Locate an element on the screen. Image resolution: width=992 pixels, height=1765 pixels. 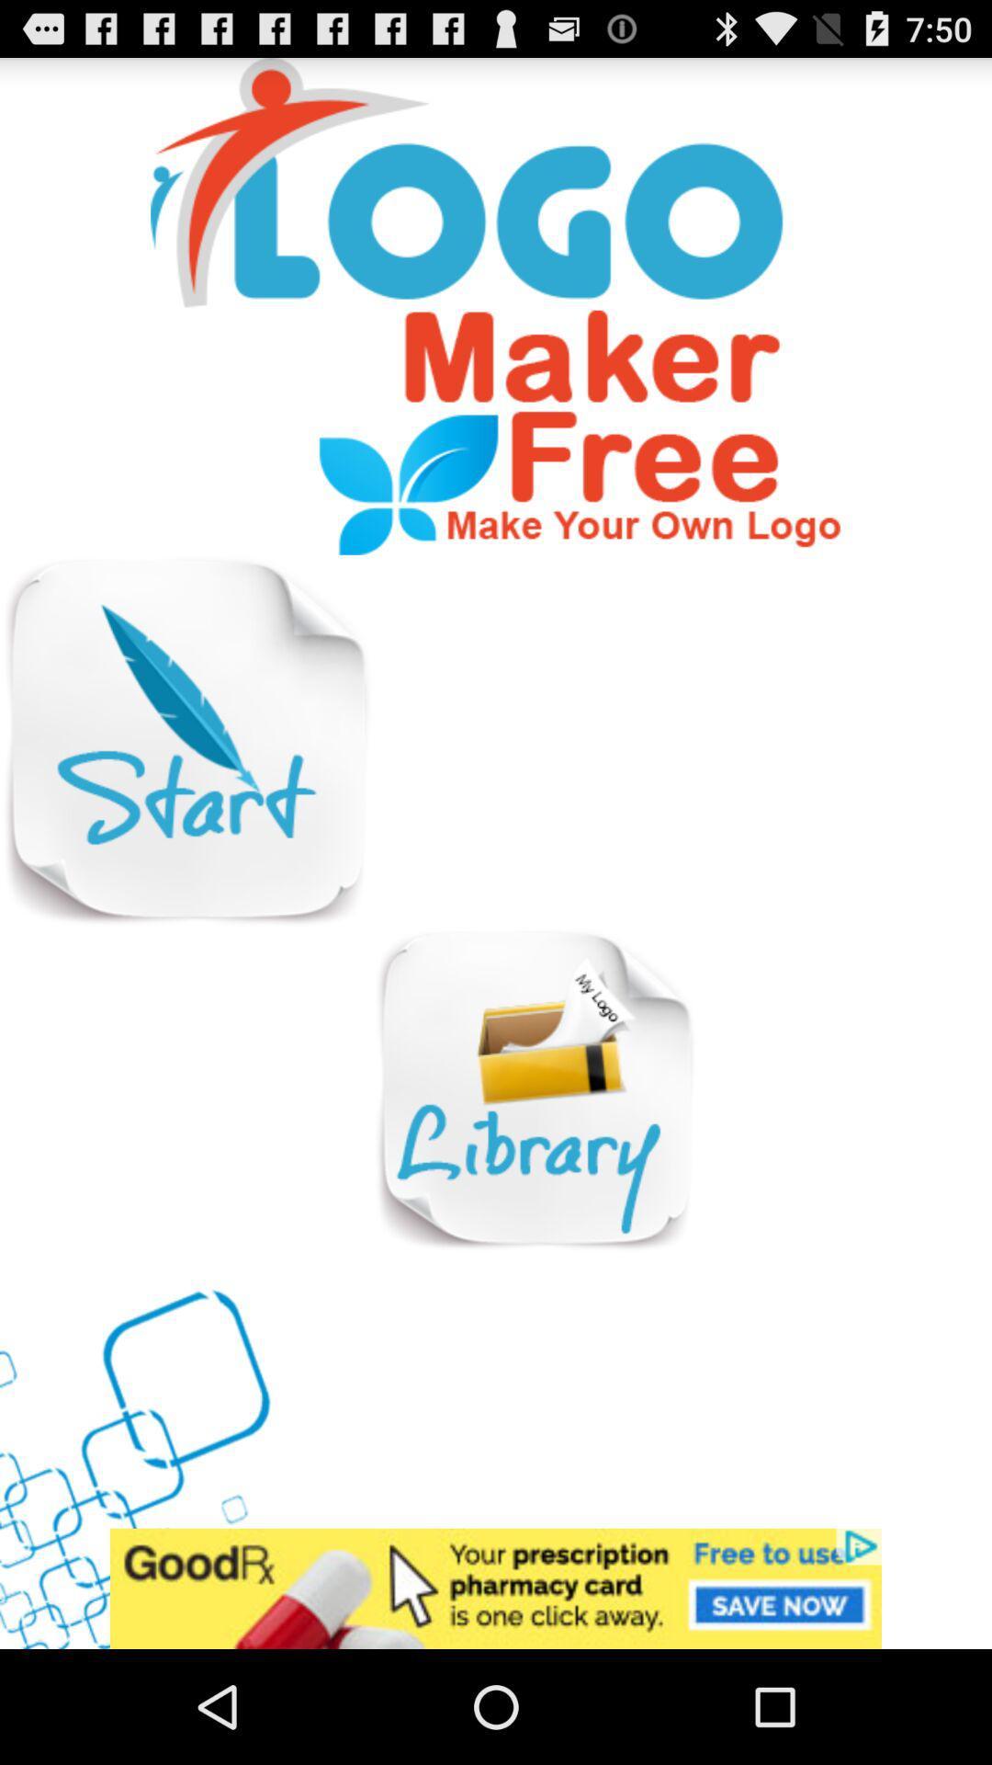
start is located at coordinates (186, 741).